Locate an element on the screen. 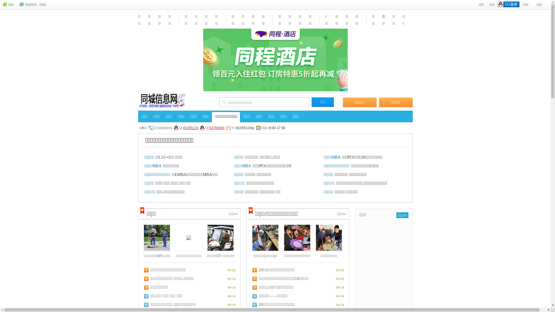  '54784694' is located at coordinates (217, 130).